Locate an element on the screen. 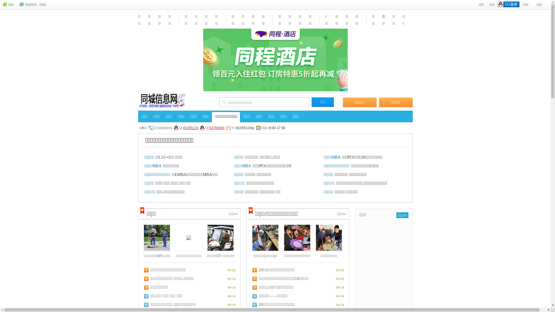  '54784694' is located at coordinates (217, 130).